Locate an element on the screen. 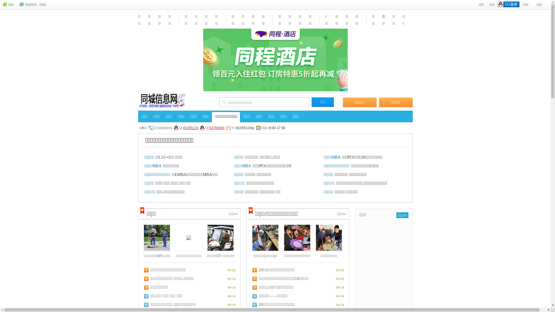  '54784694' is located at coordinates (217, 130).